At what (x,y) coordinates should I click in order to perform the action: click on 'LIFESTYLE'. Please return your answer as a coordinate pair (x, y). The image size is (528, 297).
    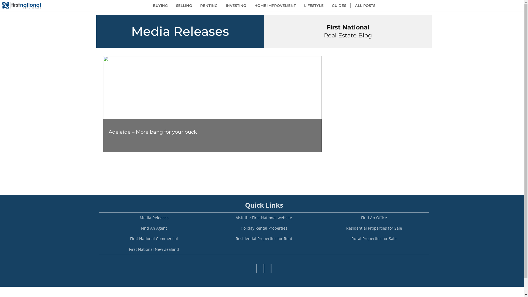
    Looking at the image, I should click on (313, 5).